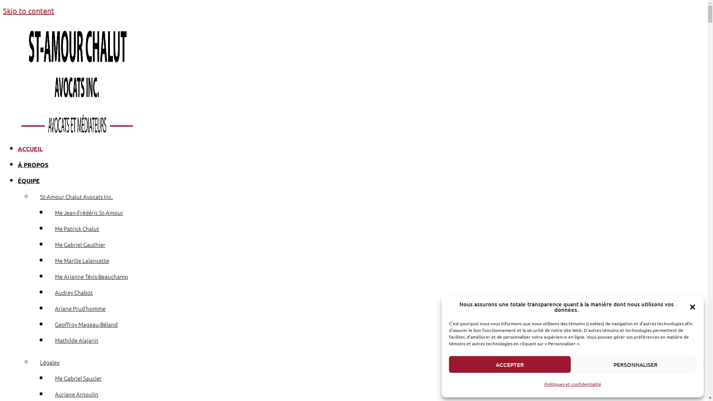 The image size is (713, 401). I want to click on 'Audrey Chabot', so click(74, 292).